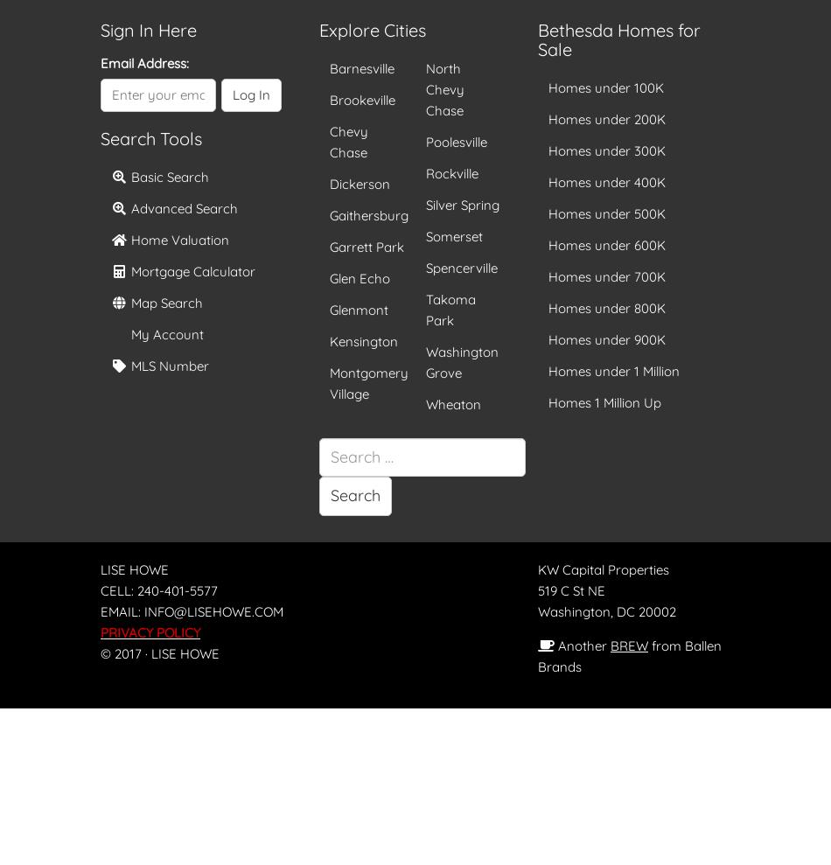 Image resolution: width=831 pixels, height=865 pixels. Describe the element at coordinates (462, 361) in the screenshot. I see `'Washington Grove'` at that location.